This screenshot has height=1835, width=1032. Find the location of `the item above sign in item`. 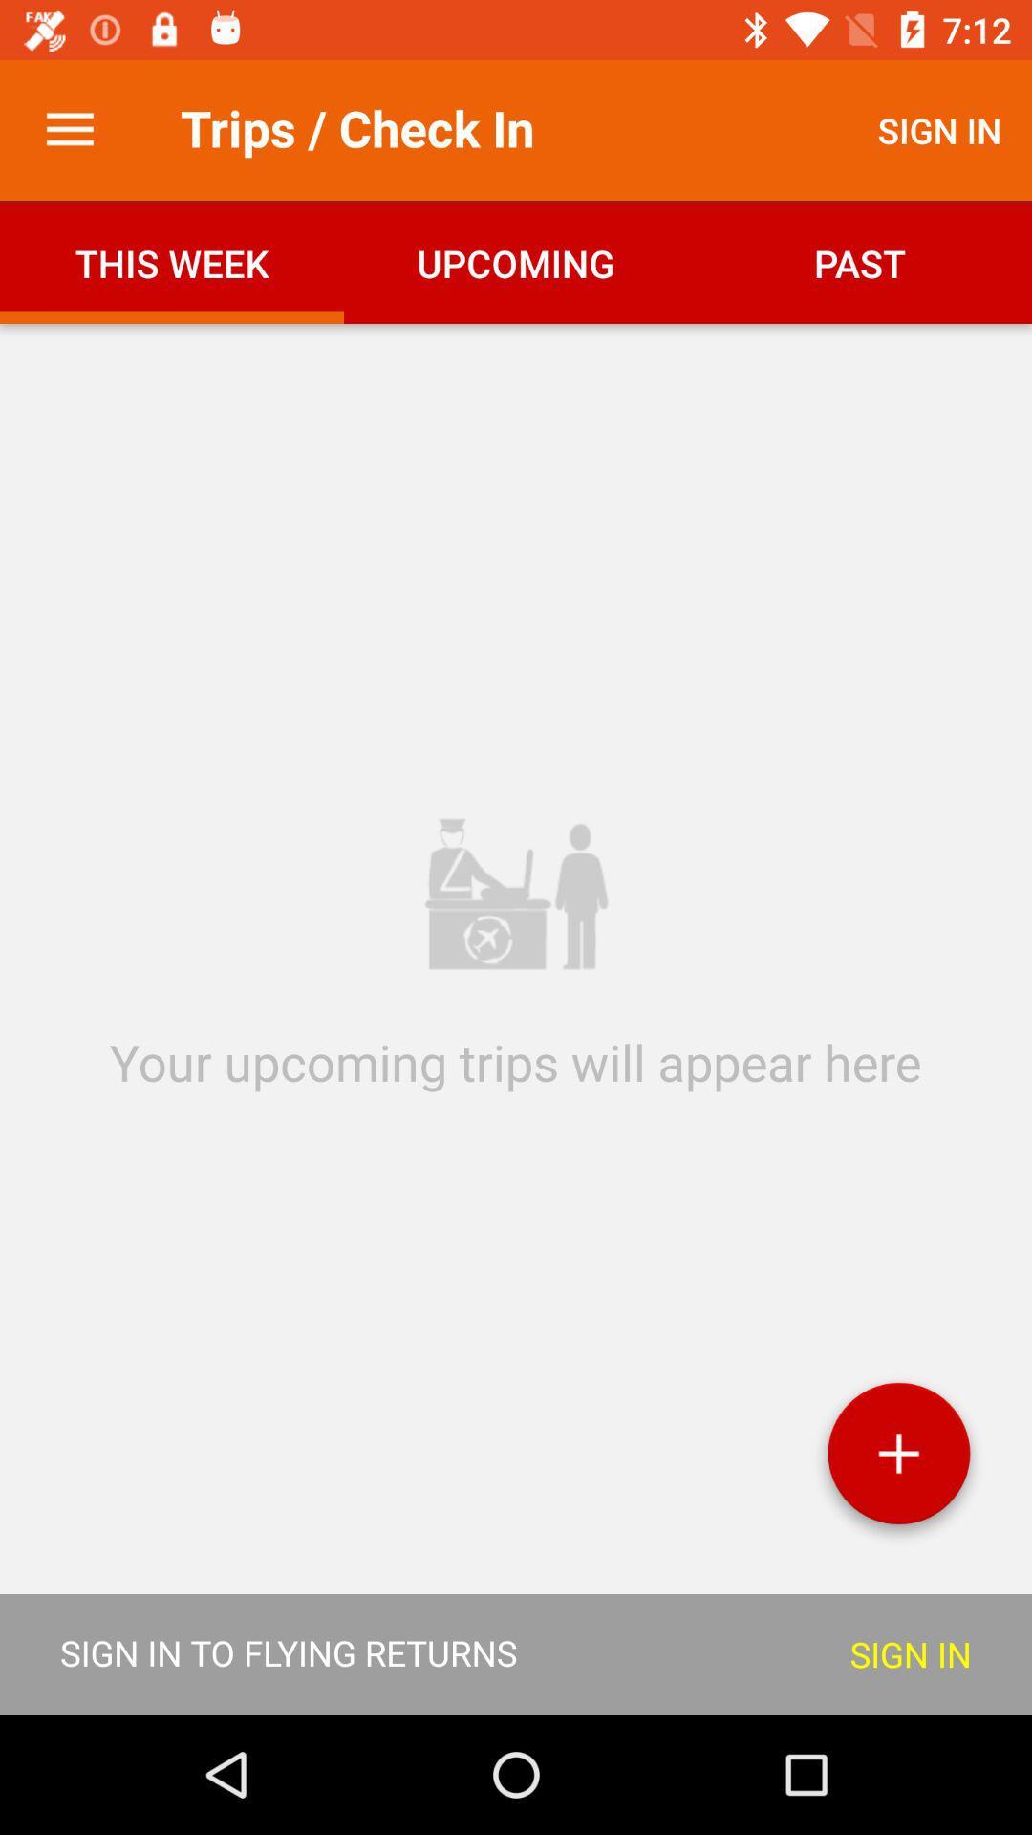

the item above sign in item is located at coordinates (898, 1459).